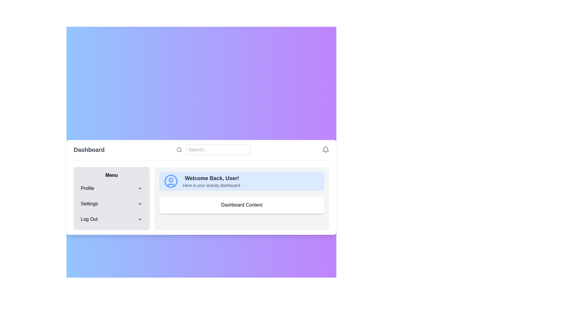 Image resolution: width=570 pixels, height=321 pixels. What do you see at coordinates (201, 152) in the screenshot?
I see `the search input field located in the header for typing a query` at bounding box center [201, 152].